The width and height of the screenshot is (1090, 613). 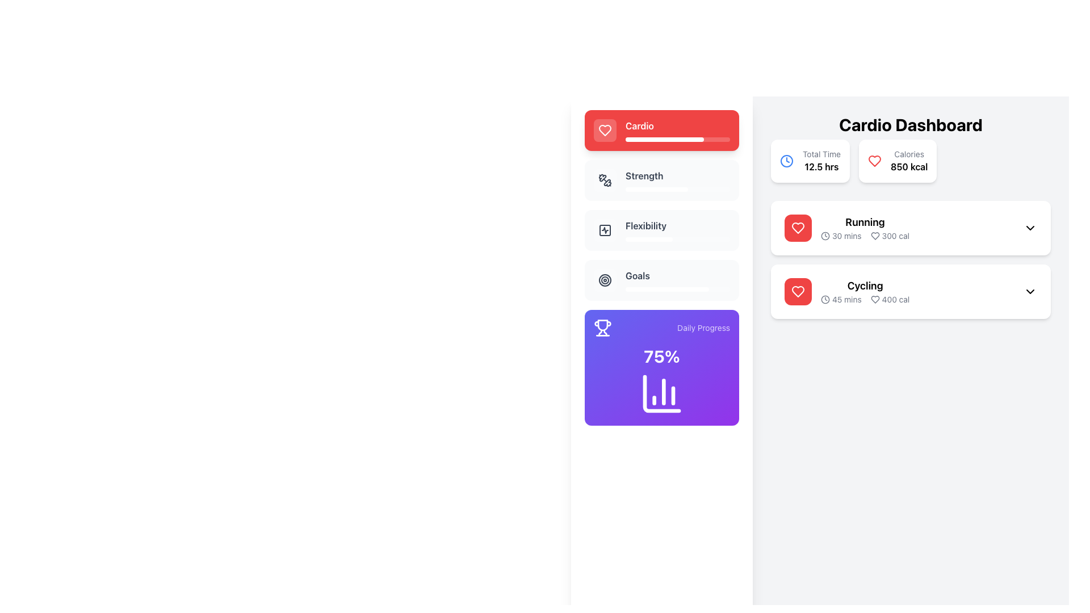 What do you see at coordinates (865, 228) in the screenshot?
I see `the activity summary card displaying 'Running' in the Cardio Dashboard section, positioned above the 'Cycling' item` at bounding box center [865, 228].